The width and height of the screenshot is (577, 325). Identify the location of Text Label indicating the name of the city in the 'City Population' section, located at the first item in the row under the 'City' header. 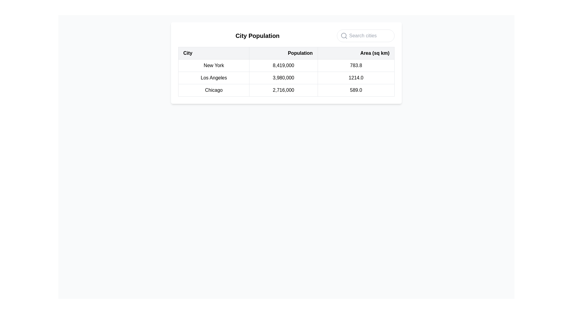
(214, 66).